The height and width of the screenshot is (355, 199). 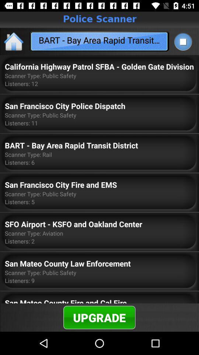 What do you see at coordinates (99, 317) in the screenshot?
I see `upgrade icon` at bounding box center [99, 317].